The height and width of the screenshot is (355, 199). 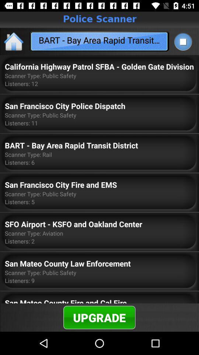 What do you see at coordinates (99, 317) in the screenshot?
I see `upgrade icon` at bounding box center [99, 317].